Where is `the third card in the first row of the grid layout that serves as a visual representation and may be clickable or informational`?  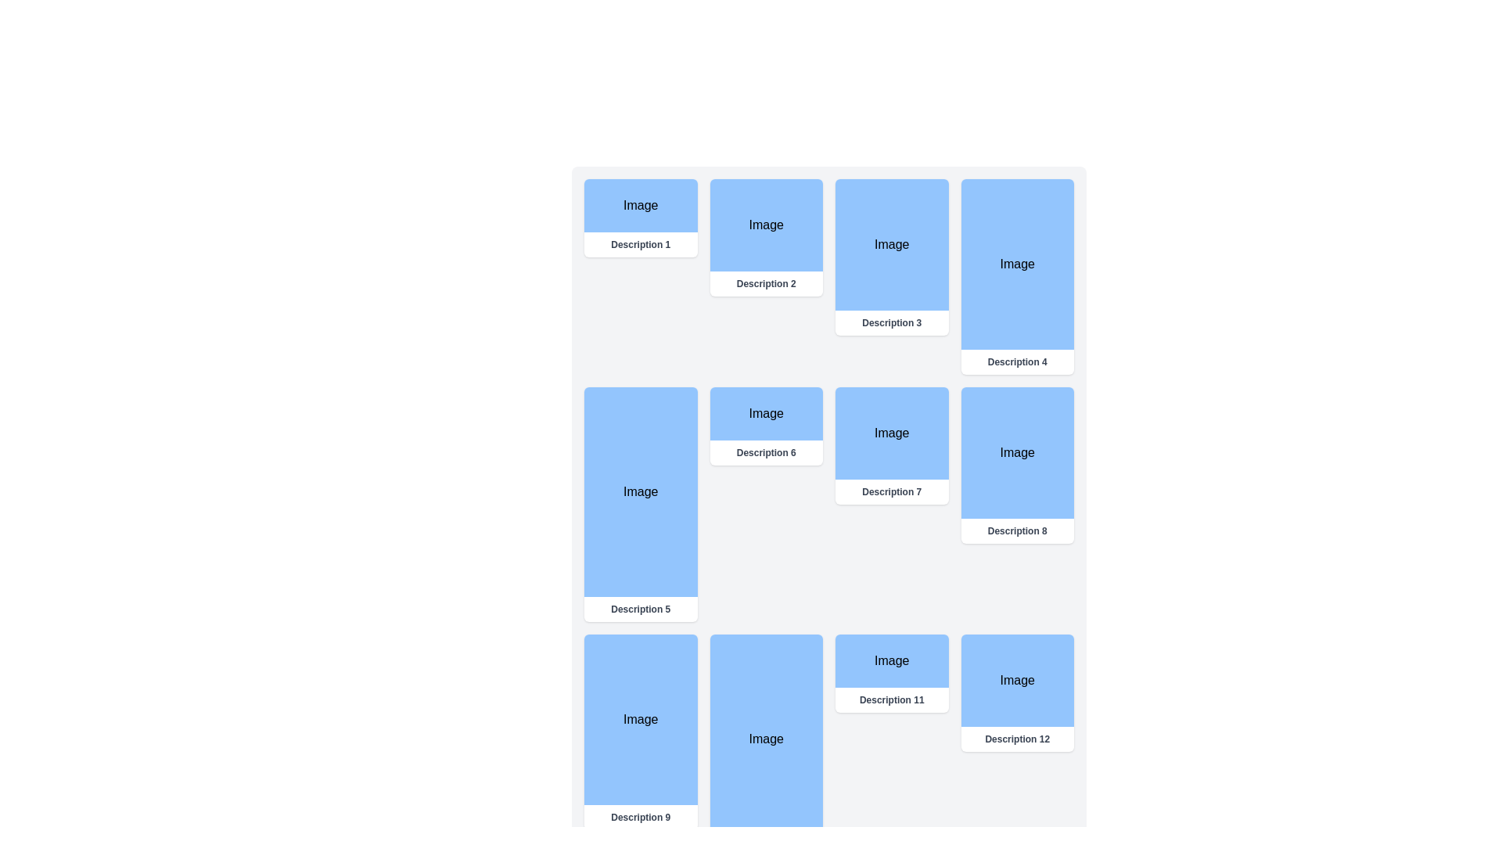
the third card in the first row of the grid layout that serves as a visual representation and may be clickable or informational is located at coordinates (892, 256).